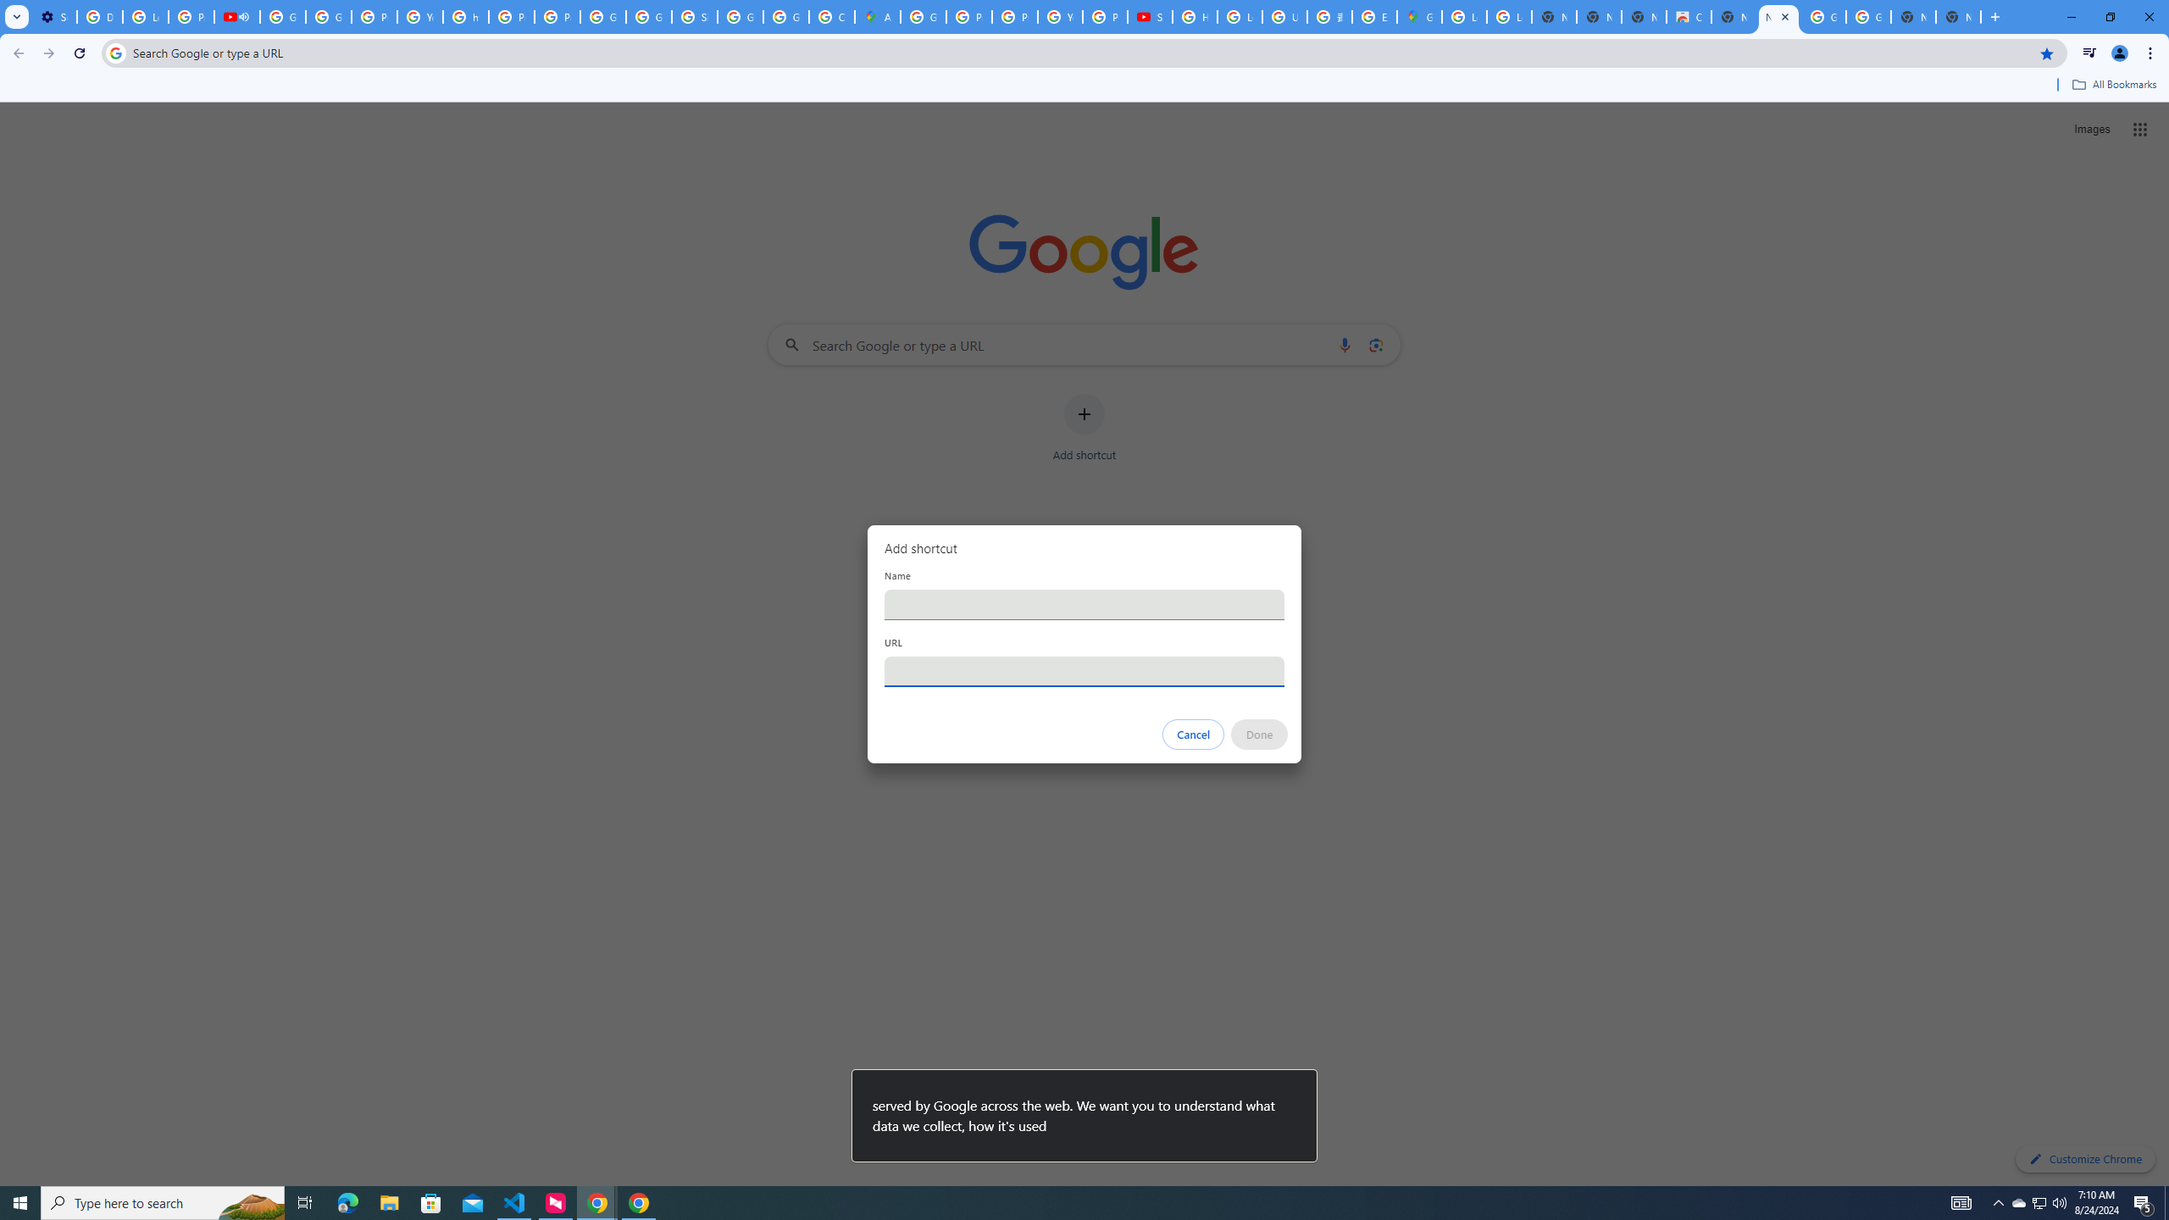 This screenshot has height=1220, width=2169. Describe the element at coordinates (1149, 16) in the screenshot. I see `'Subscriptions - YouTube'` at that location.